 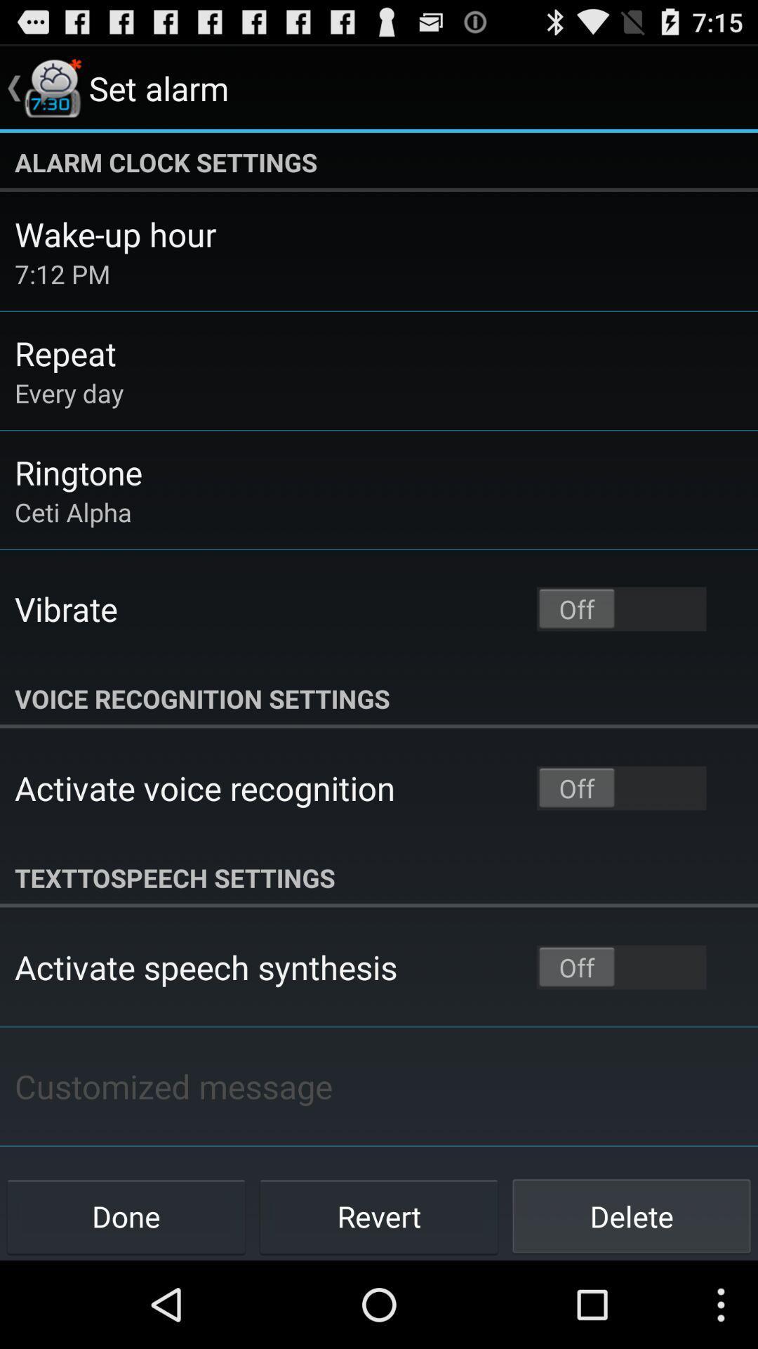 I want to click on the item above the done icon, so click(x=173, y=1086).